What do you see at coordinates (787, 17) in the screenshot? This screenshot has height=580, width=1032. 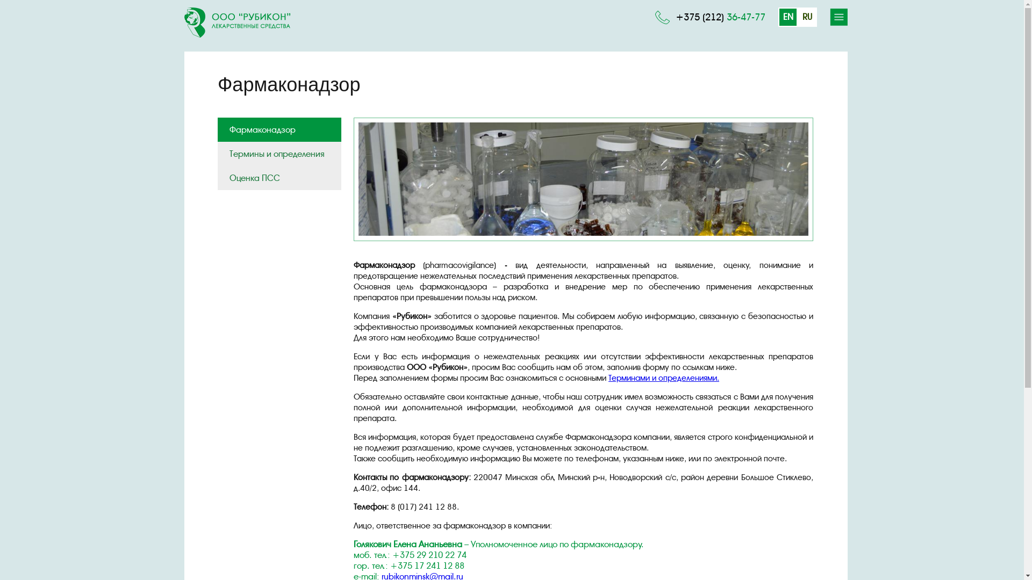 I see `'EN'` at bounding box center [787, 17].